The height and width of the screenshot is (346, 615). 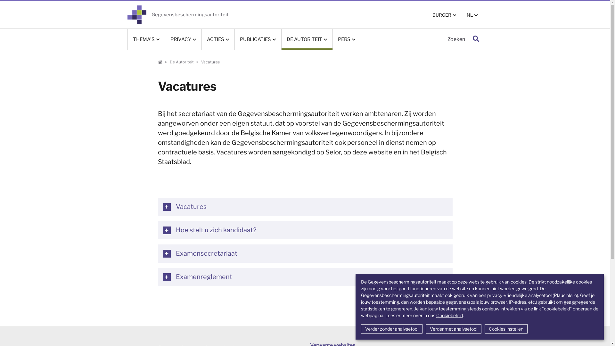 I want to click on 'PUBLICATIES', so click(x=258, y=39).